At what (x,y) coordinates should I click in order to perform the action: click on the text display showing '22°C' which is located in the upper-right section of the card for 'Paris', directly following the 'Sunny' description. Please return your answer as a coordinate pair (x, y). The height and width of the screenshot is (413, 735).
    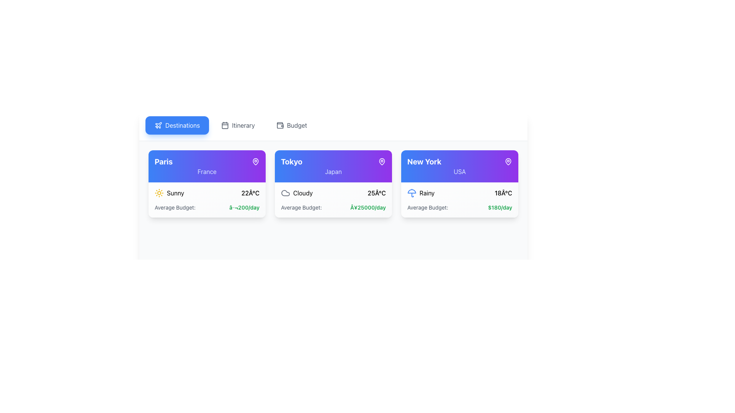
    Looking at the image, I should click on (250, 193).